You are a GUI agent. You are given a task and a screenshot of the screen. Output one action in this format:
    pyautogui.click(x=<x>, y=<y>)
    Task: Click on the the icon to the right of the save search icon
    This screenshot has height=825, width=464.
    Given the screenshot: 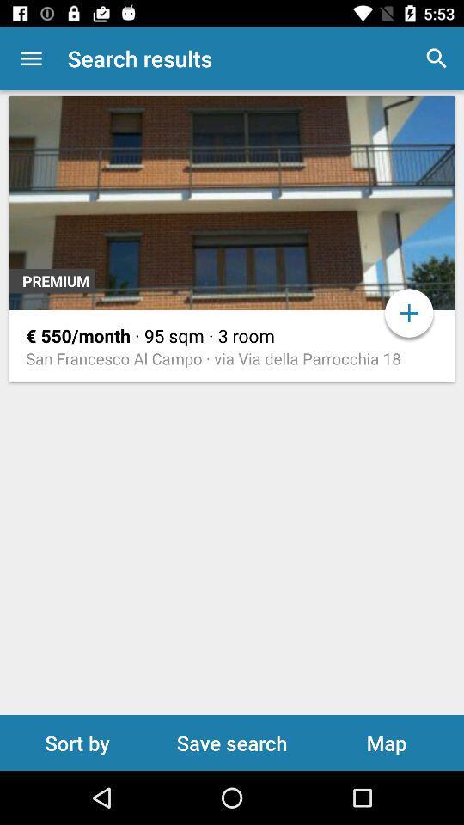 What is the action you would take?
    pyautogui.click(x=386, y=742)
    